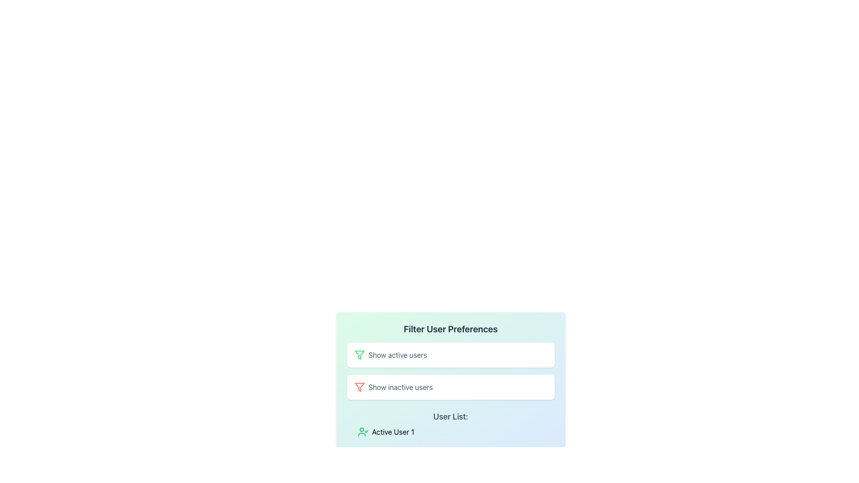  Describe the element at coordinates (393, 387) in the screenshot. I see `the 'Show inactive users' text label with the red filter icon` at that location.